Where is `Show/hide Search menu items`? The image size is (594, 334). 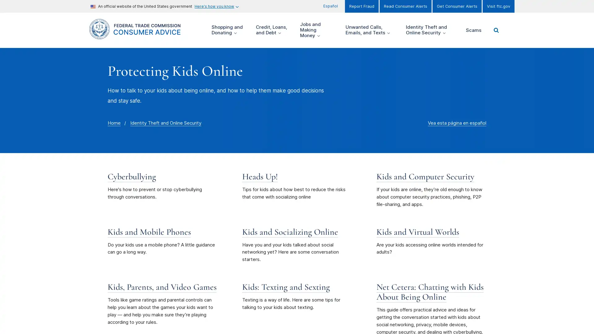
Show/hide Search menu items is located at coordinates (496, 30).